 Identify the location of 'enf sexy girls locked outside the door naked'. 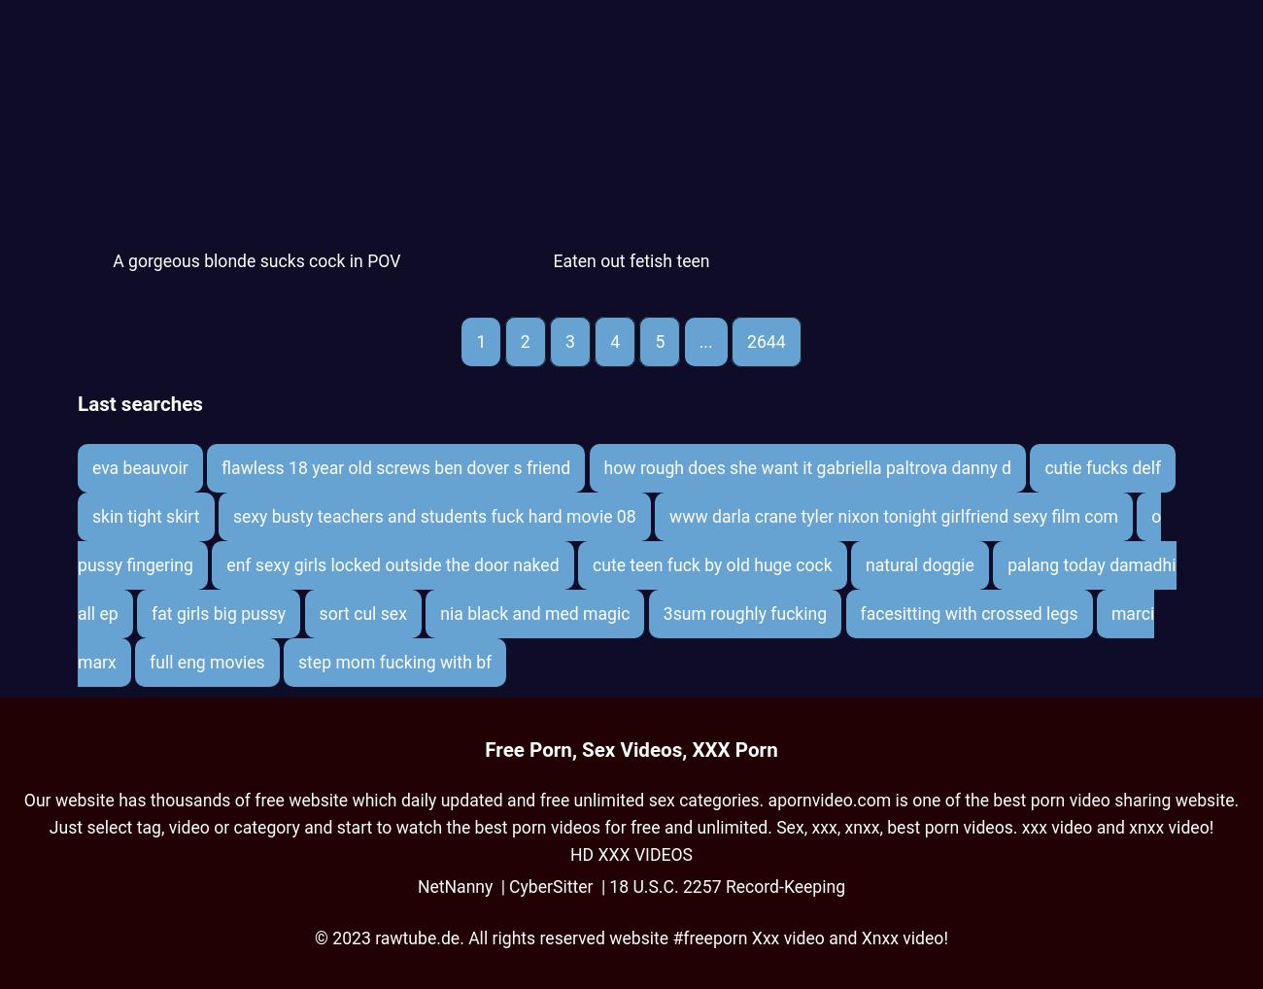
(393, 563).